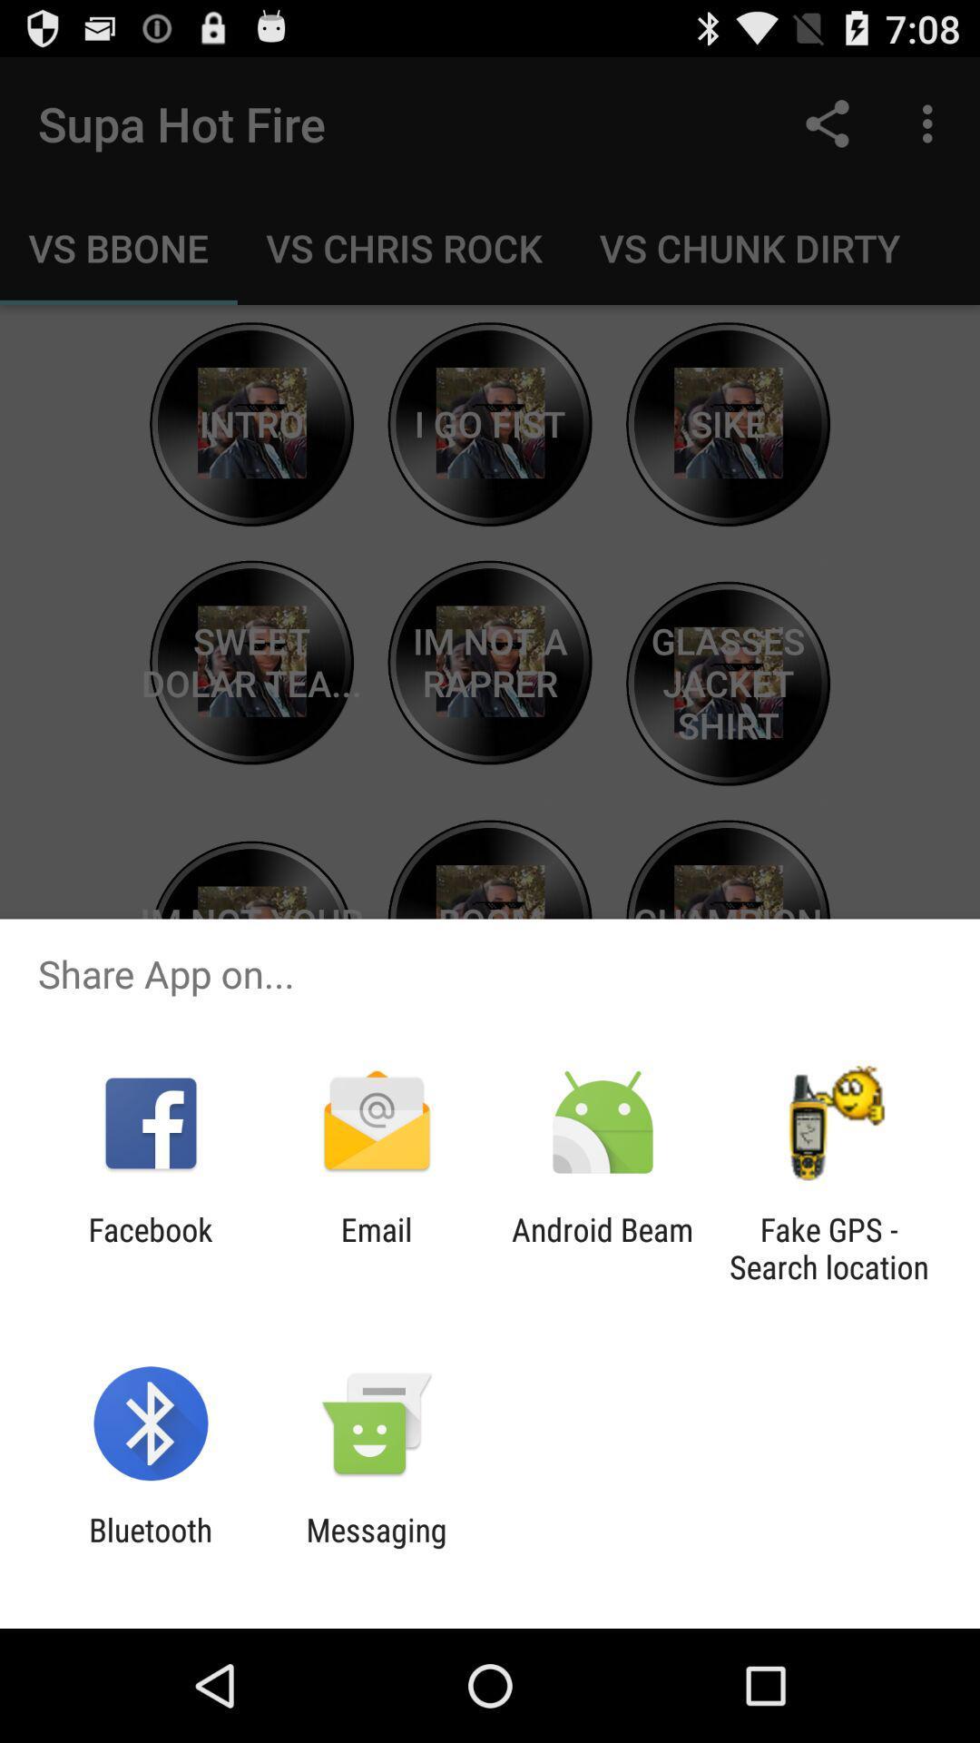 The width and height of the screenshot is (980, 1743). Describe the element at coordinates (603, 1247) in the screenshot. I see `icon next to fake gps search` at that location.